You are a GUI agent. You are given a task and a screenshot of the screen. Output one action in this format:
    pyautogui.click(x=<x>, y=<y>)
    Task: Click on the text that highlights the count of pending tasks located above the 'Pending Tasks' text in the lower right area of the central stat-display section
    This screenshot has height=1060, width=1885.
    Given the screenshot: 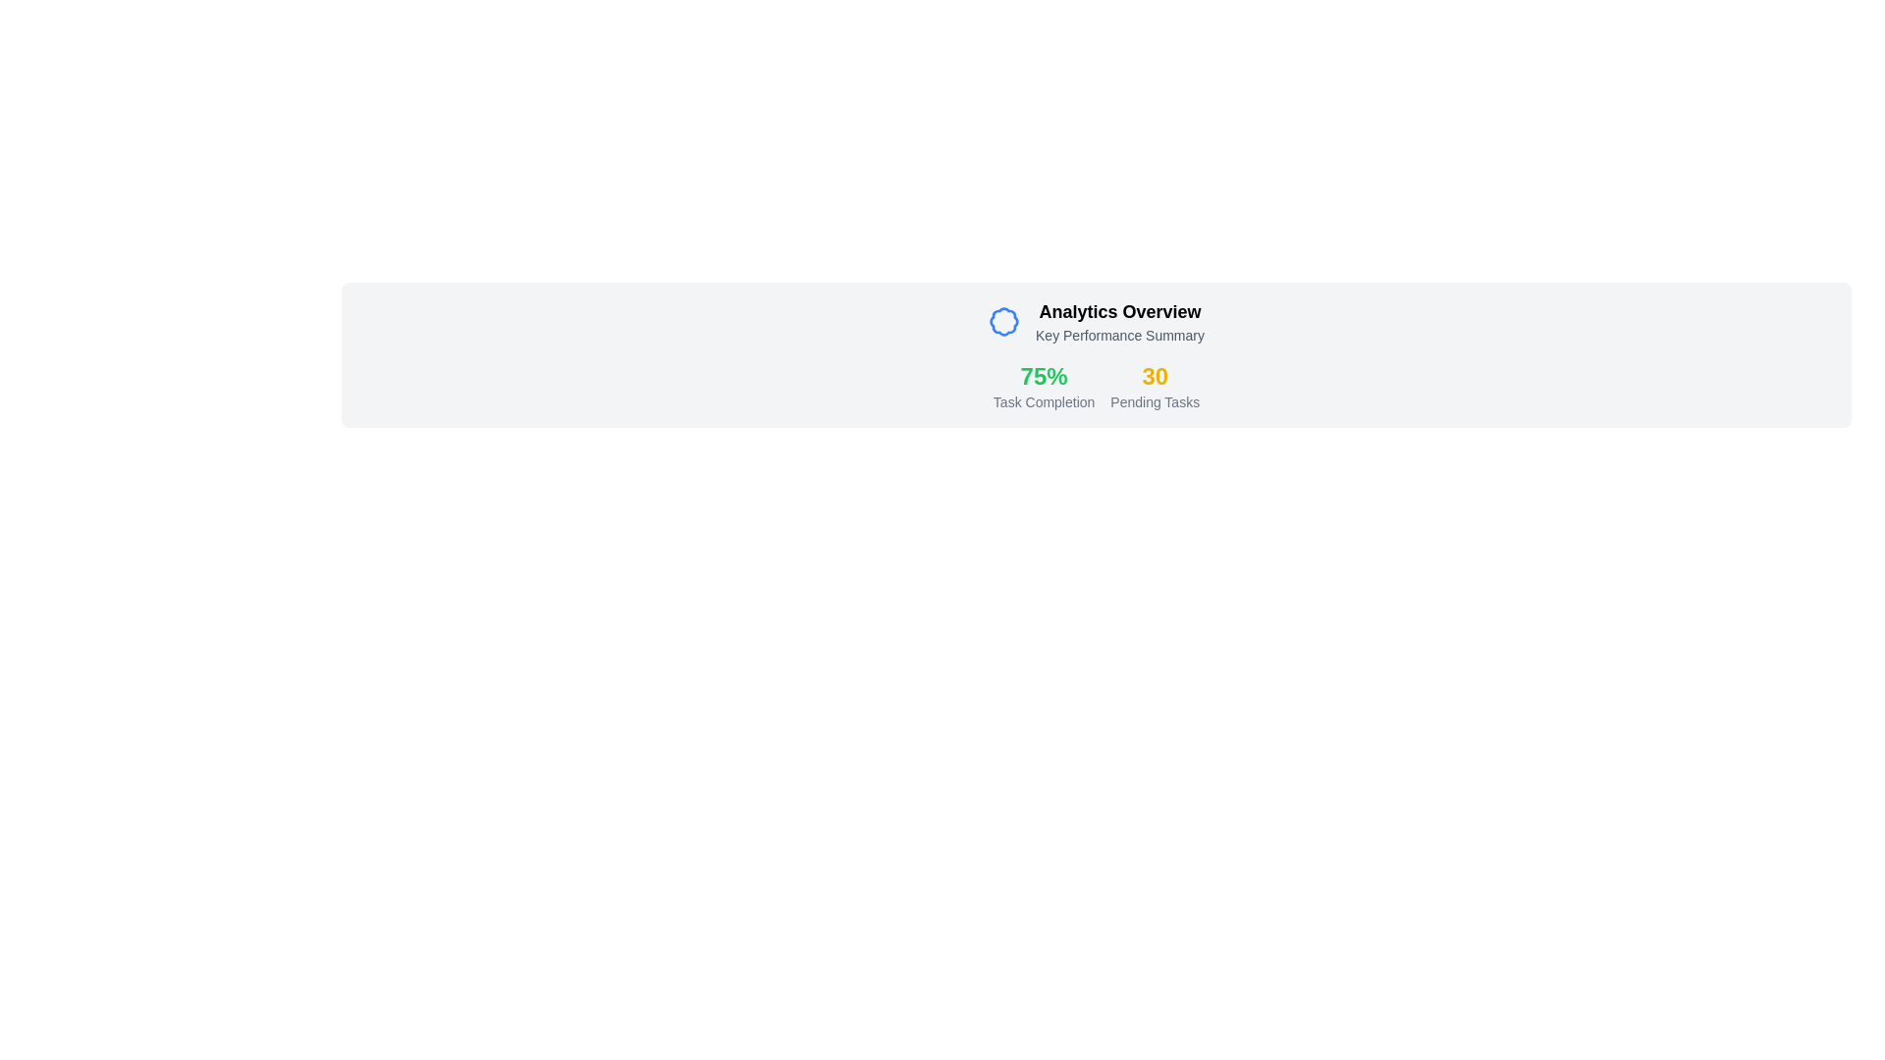 What is the action you would take?
    pyautogui.click(x=1155, y=377)
    